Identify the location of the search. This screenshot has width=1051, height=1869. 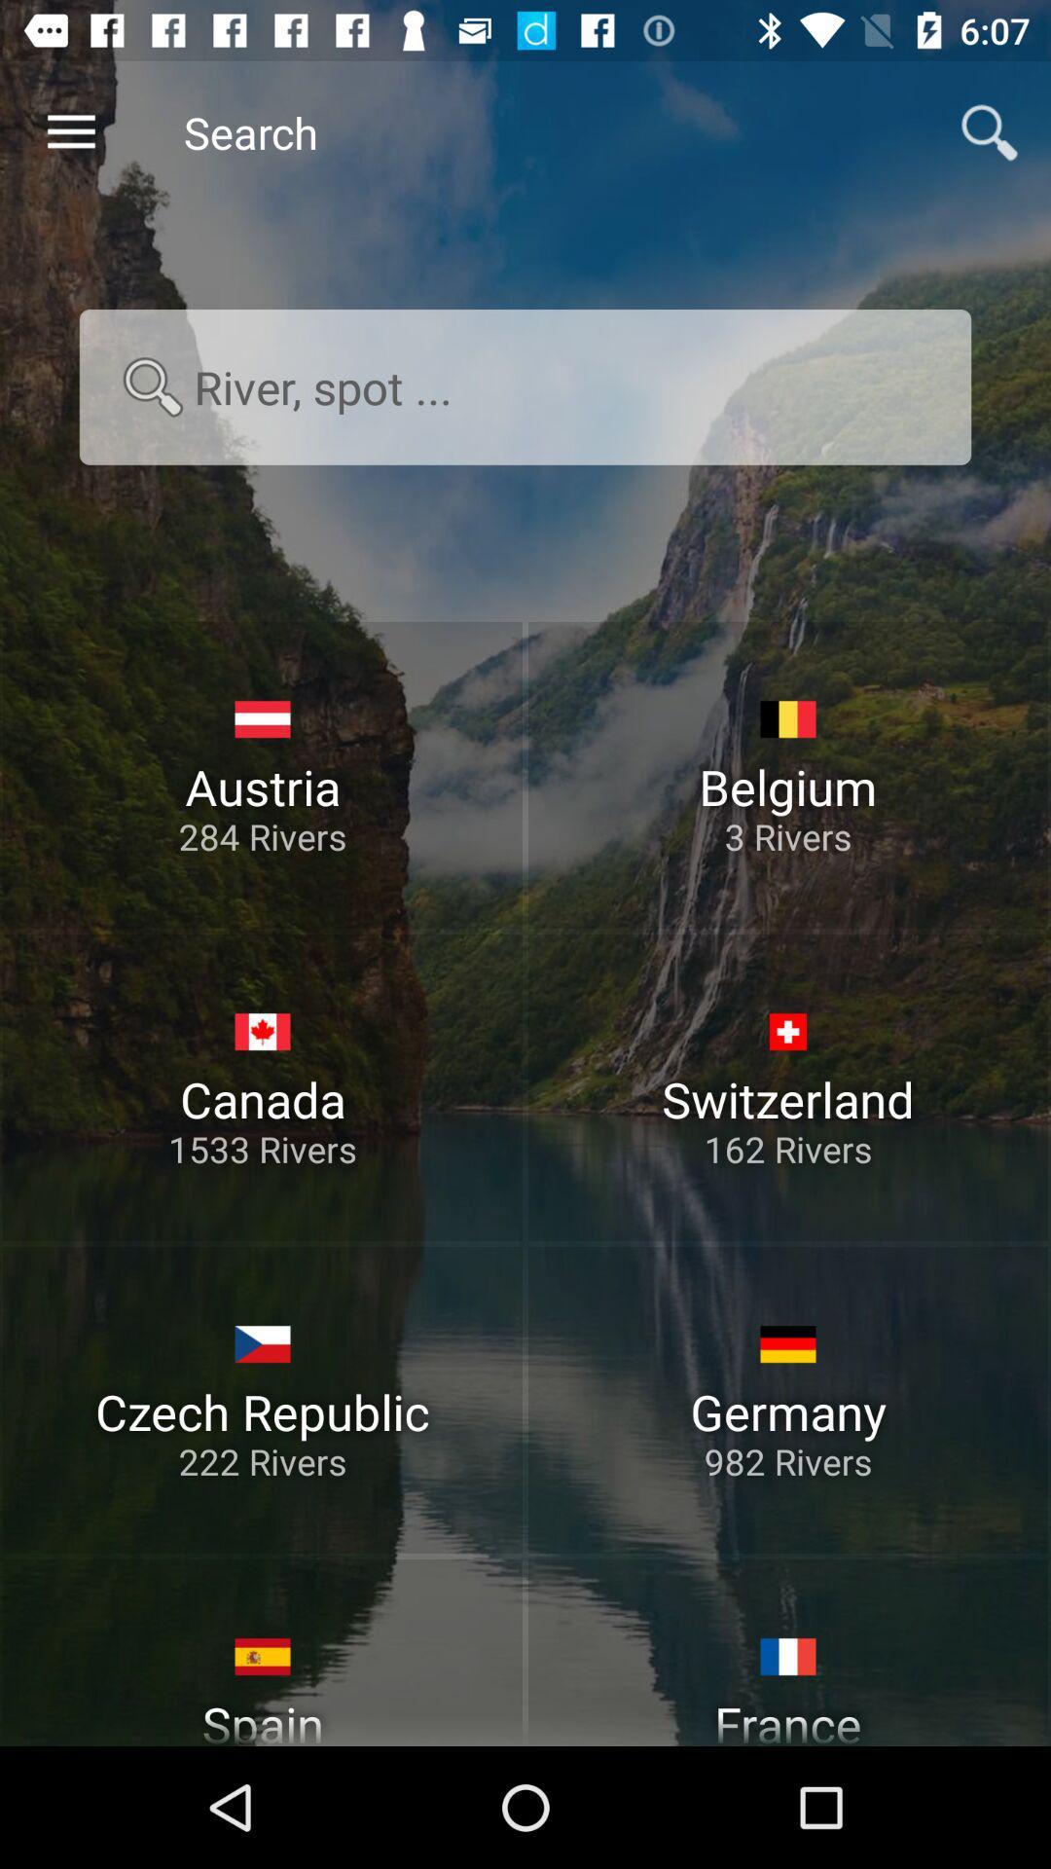
(525, 386).